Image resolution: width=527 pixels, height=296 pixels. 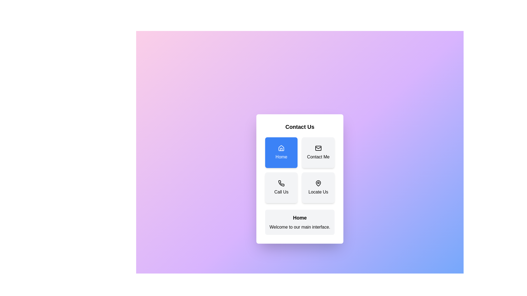 I want to click on the button corresponding to Call Us to display its details, so click(x=281, y=187).